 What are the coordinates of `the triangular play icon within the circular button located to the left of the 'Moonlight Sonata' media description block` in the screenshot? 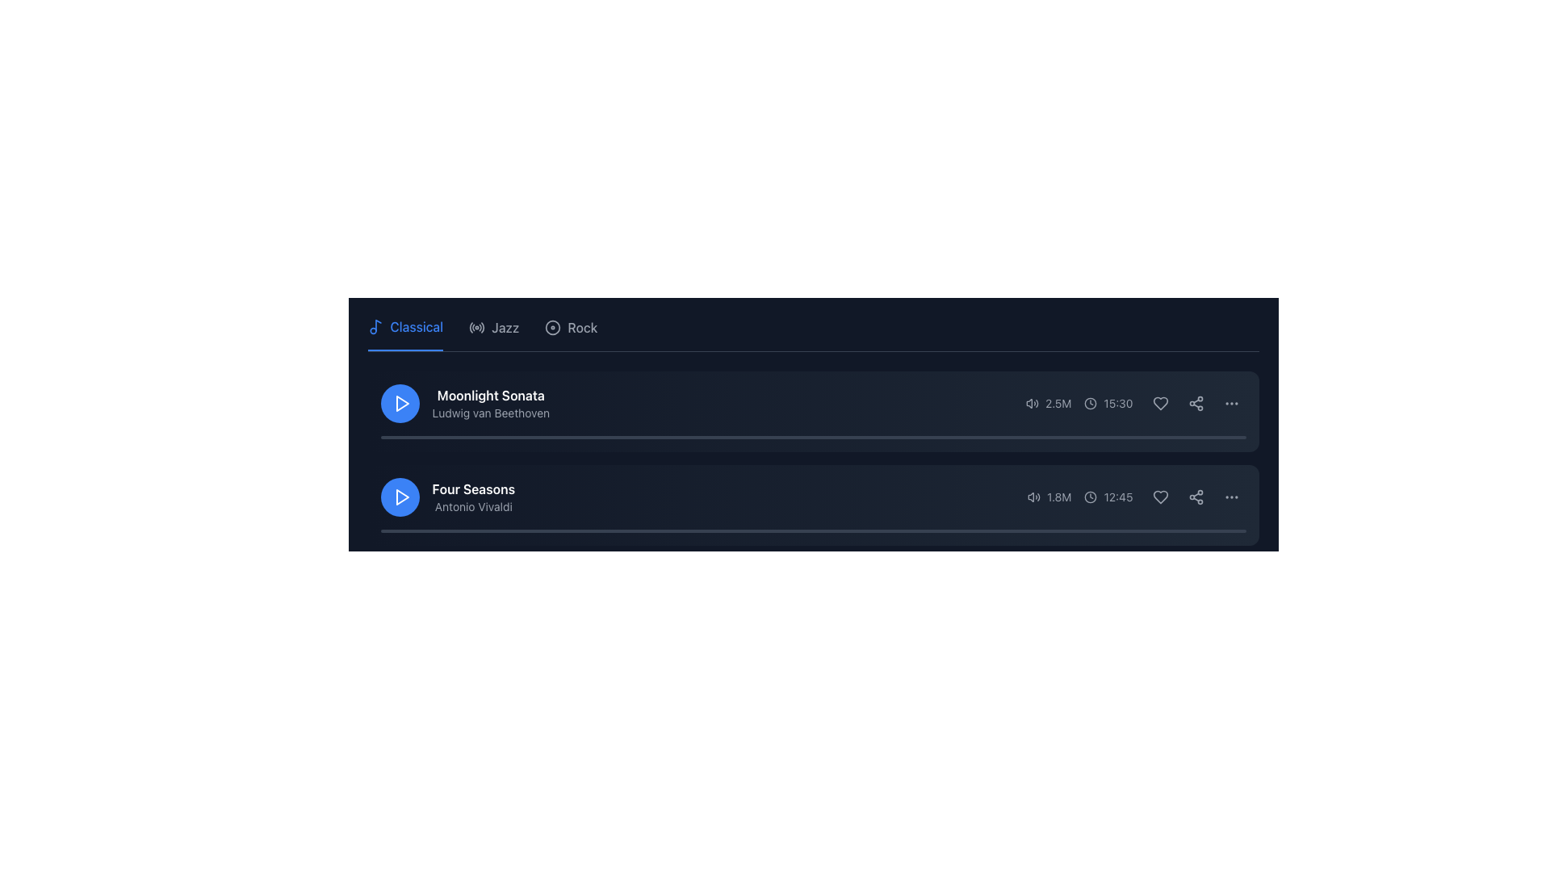 It's located at (401, 403).